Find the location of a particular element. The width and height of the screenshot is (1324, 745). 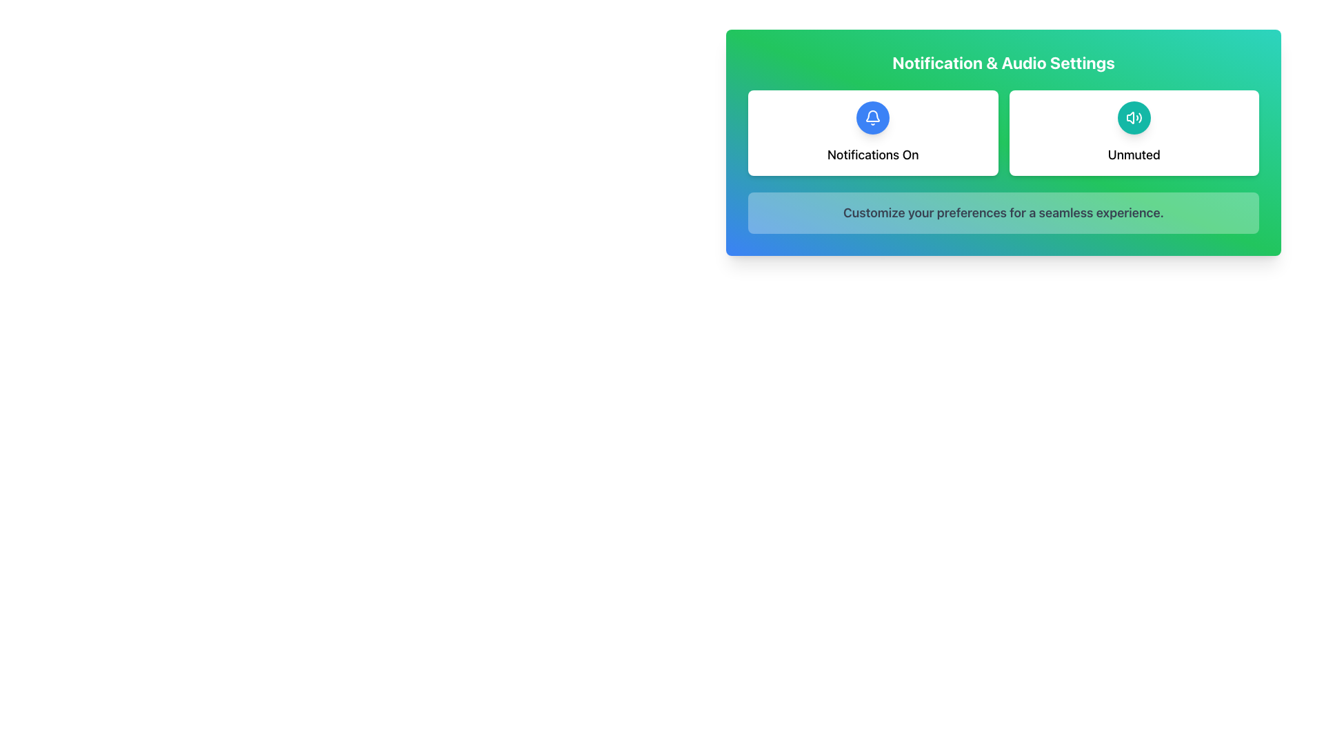

the circular blue button with a white bell icon in the 'Notifications On' section is located at coordinates (872, 117).